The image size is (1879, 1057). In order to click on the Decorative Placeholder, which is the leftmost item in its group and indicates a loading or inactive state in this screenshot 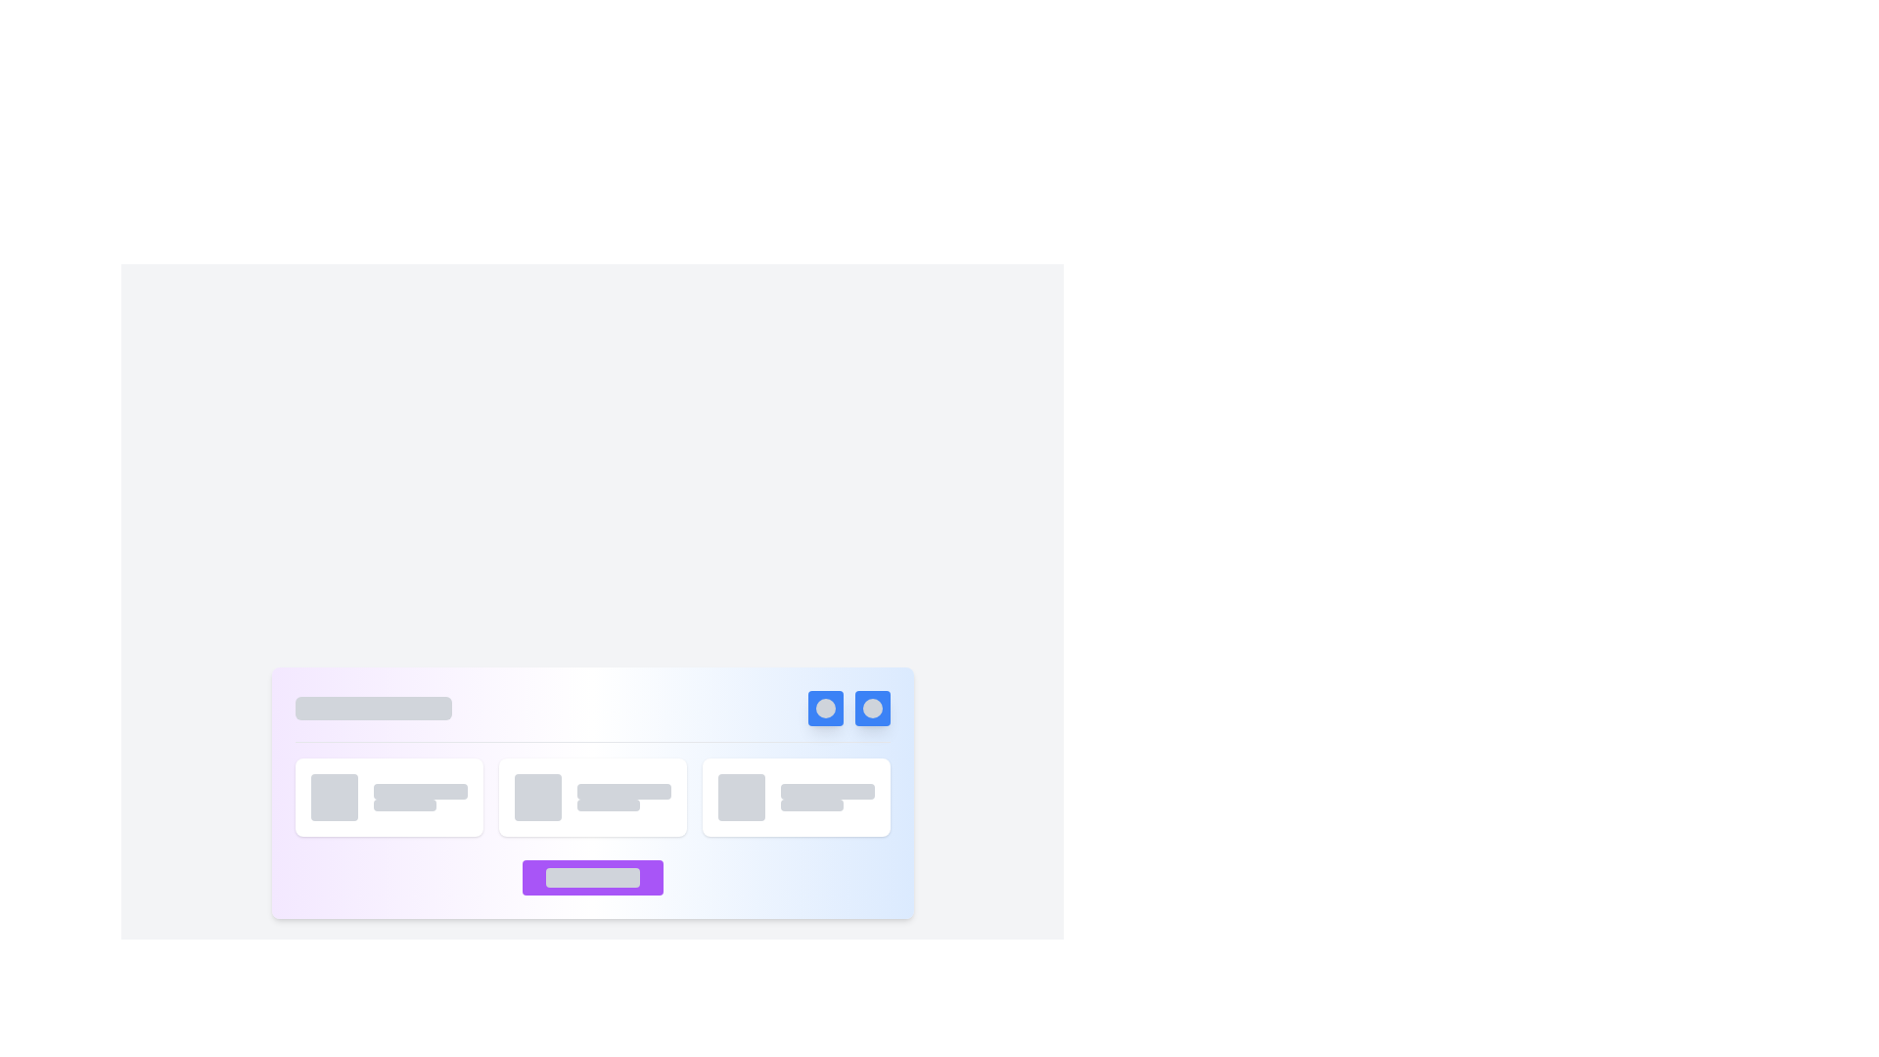, I will do `click(334, 797)`.